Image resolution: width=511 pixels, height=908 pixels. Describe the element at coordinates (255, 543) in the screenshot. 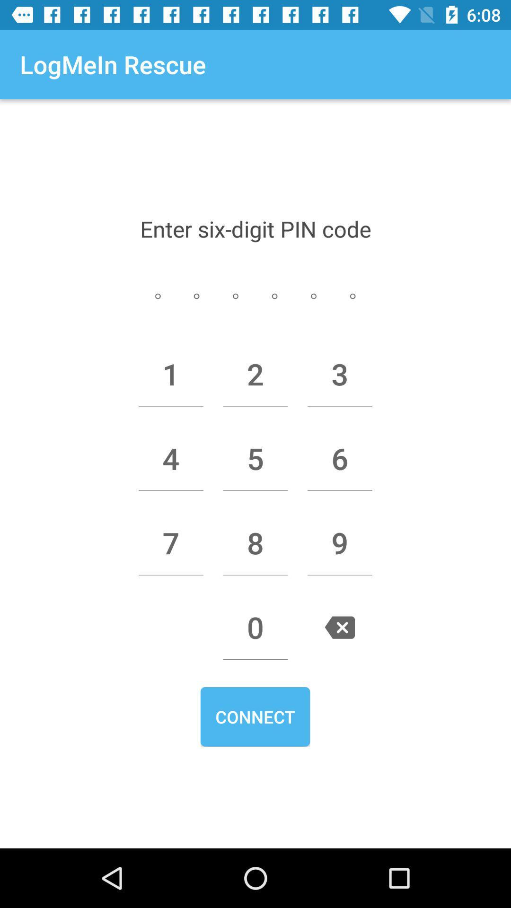

I see `the 8 icon` at that location.